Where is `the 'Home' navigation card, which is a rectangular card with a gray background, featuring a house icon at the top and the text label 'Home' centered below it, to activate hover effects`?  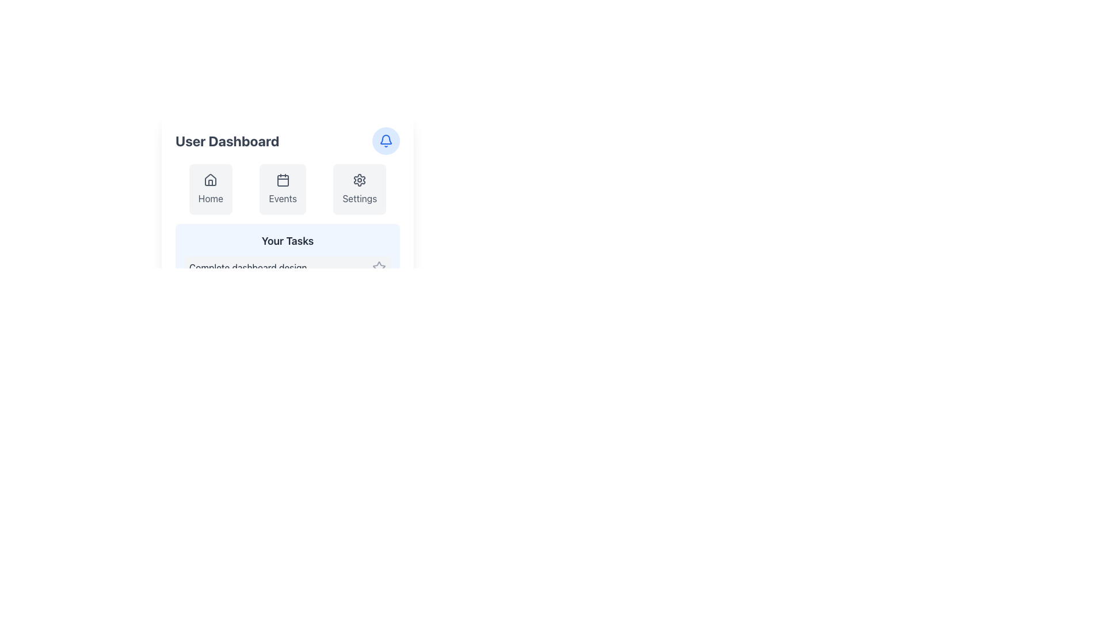
the 'Home' navigation card, which is a rectangular card with a gray background, featuring a house icon at the top and the text label 'Home' centered below it, to activate hover effects is located at coordinates (211, 188).